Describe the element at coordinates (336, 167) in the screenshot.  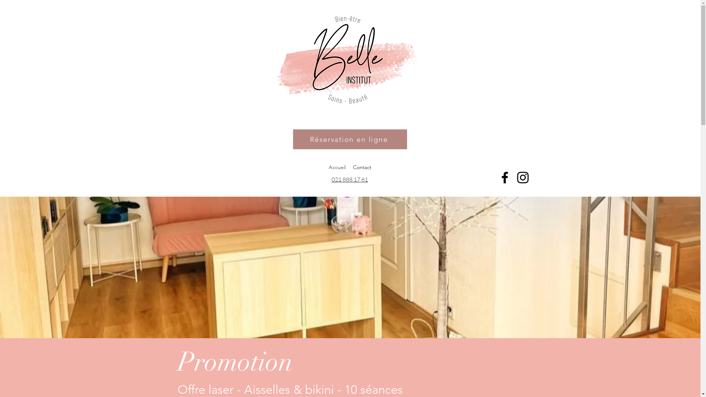
I see `'Accueil'` at that location.